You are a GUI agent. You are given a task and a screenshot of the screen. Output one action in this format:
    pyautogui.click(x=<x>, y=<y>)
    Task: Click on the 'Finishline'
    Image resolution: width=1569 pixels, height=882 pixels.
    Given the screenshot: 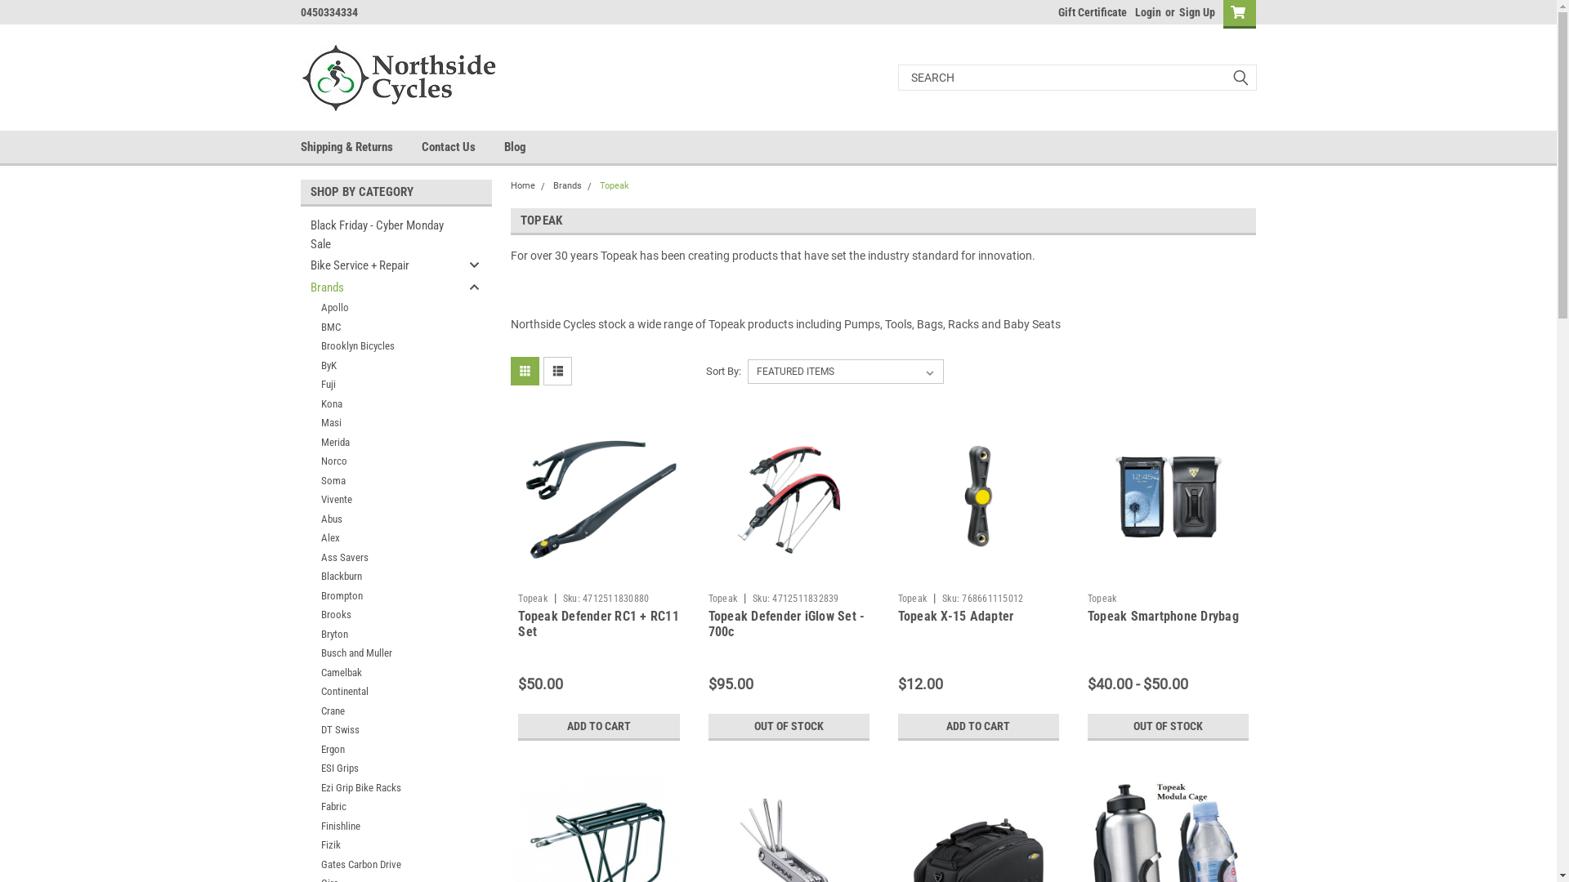 What is the action you would take?
    pyautogui.click(x=301, y=826)
    